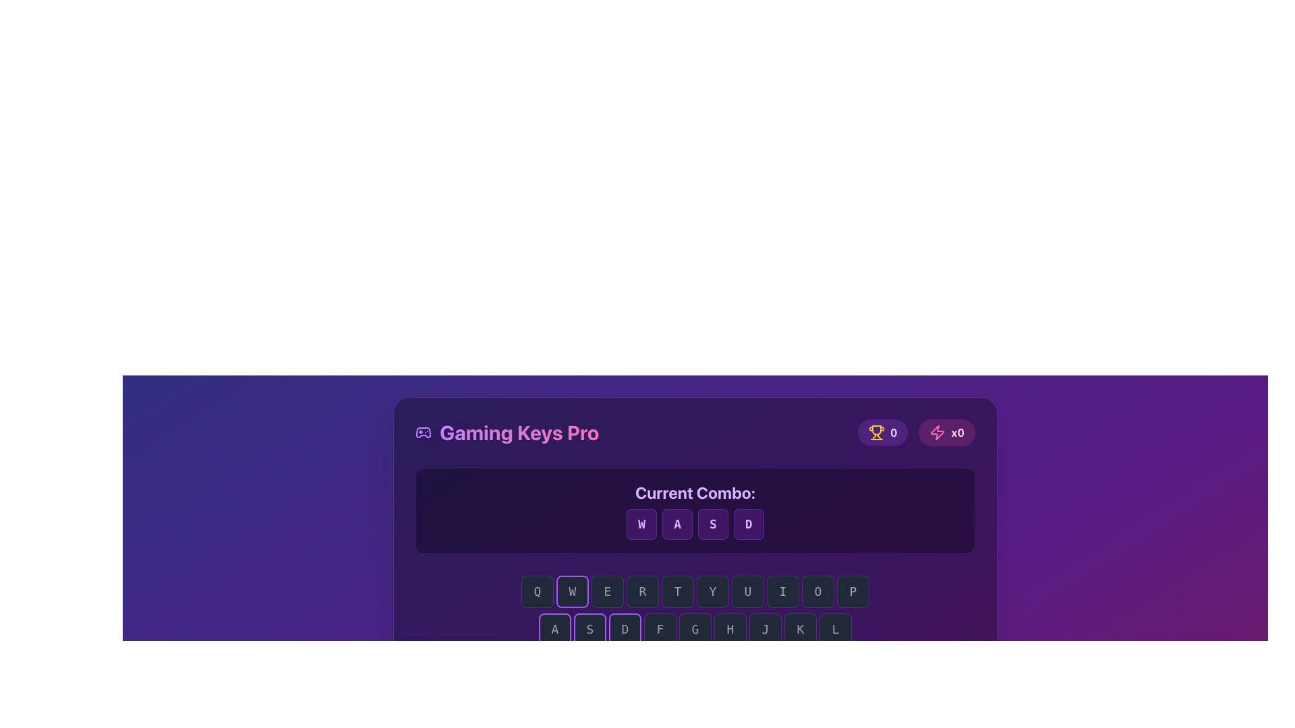 Image resolution: width=1295 pixels, height=728 pixels. Describe the element at coordinates (573, 591) in the screenshot. I see `the square button with a dark gray background and a purple border, containing the letter 'W' in light gray, which is the second button in a row of letters 'QWERTYUIOP'` at that location.